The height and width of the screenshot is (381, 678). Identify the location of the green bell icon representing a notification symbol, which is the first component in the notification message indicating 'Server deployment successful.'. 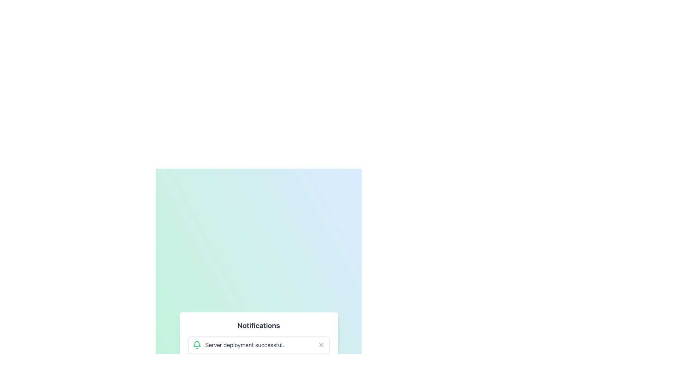
(197, 345).